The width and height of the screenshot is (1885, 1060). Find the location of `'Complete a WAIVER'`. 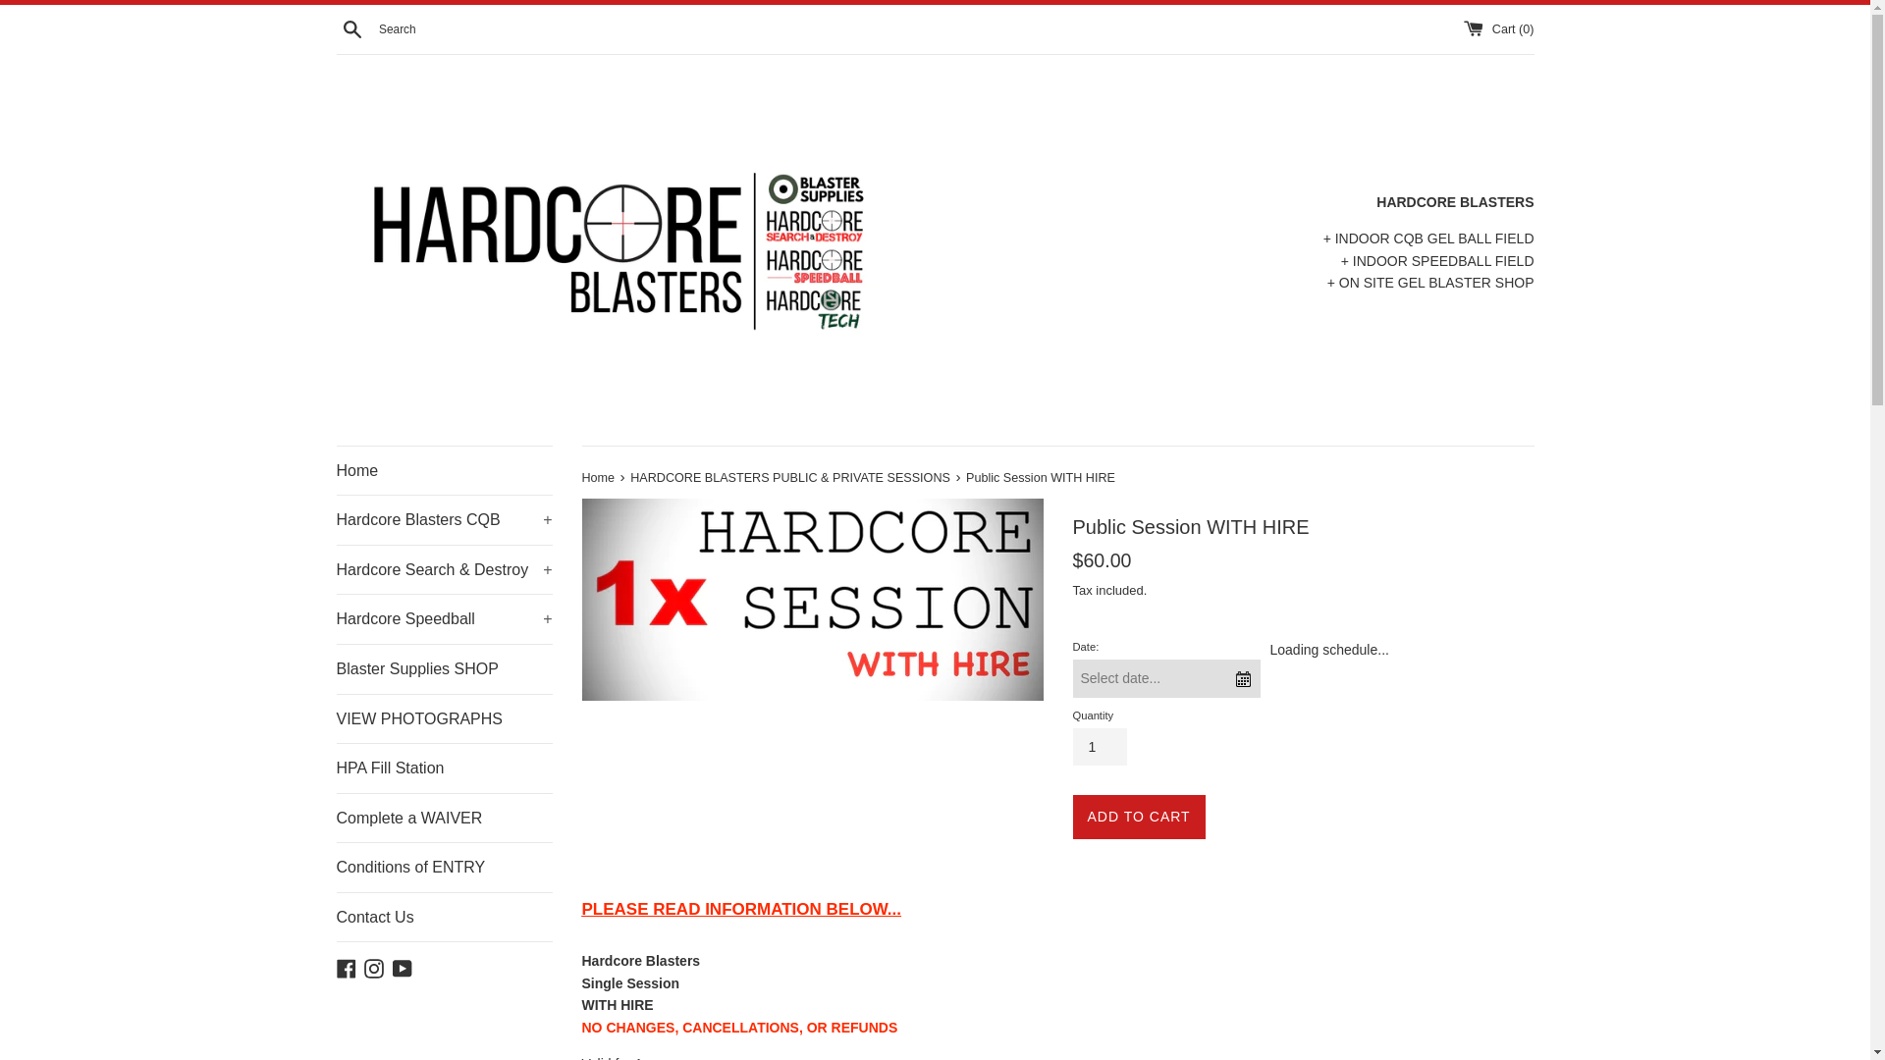

'Complete a WAIVER' is located at coordinates (442, 818).